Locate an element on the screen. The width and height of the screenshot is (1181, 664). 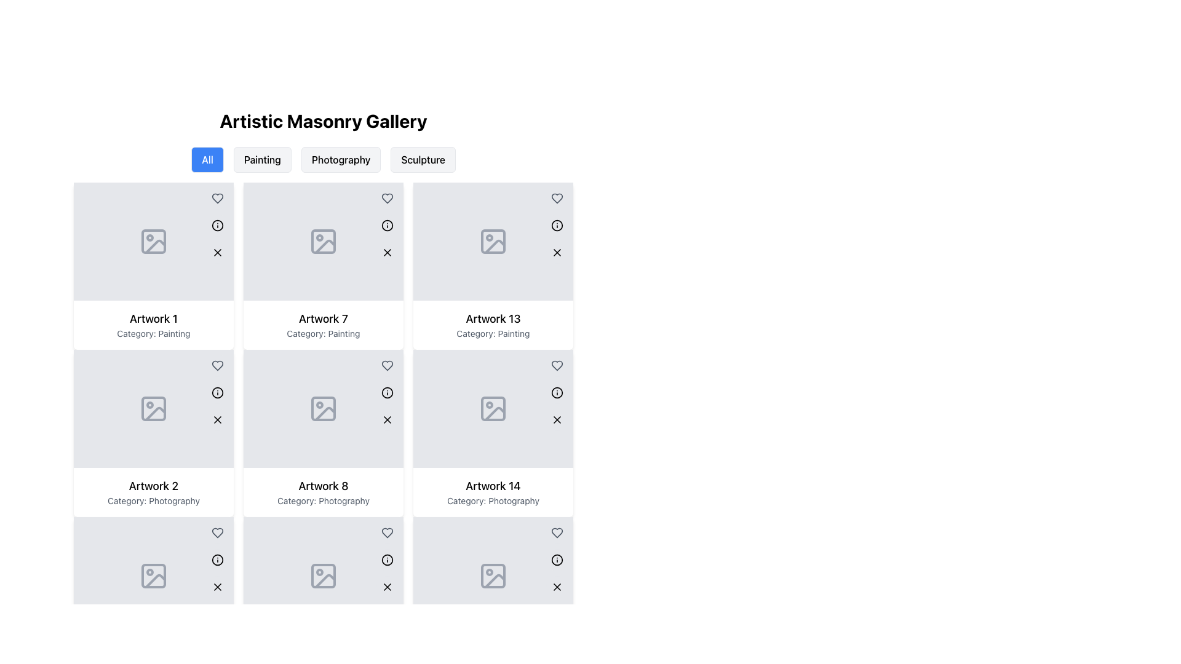
the Circular SVG component located at the top-right corner of the card labeled 'Artwork 13' is located at coordinates (557, 225).